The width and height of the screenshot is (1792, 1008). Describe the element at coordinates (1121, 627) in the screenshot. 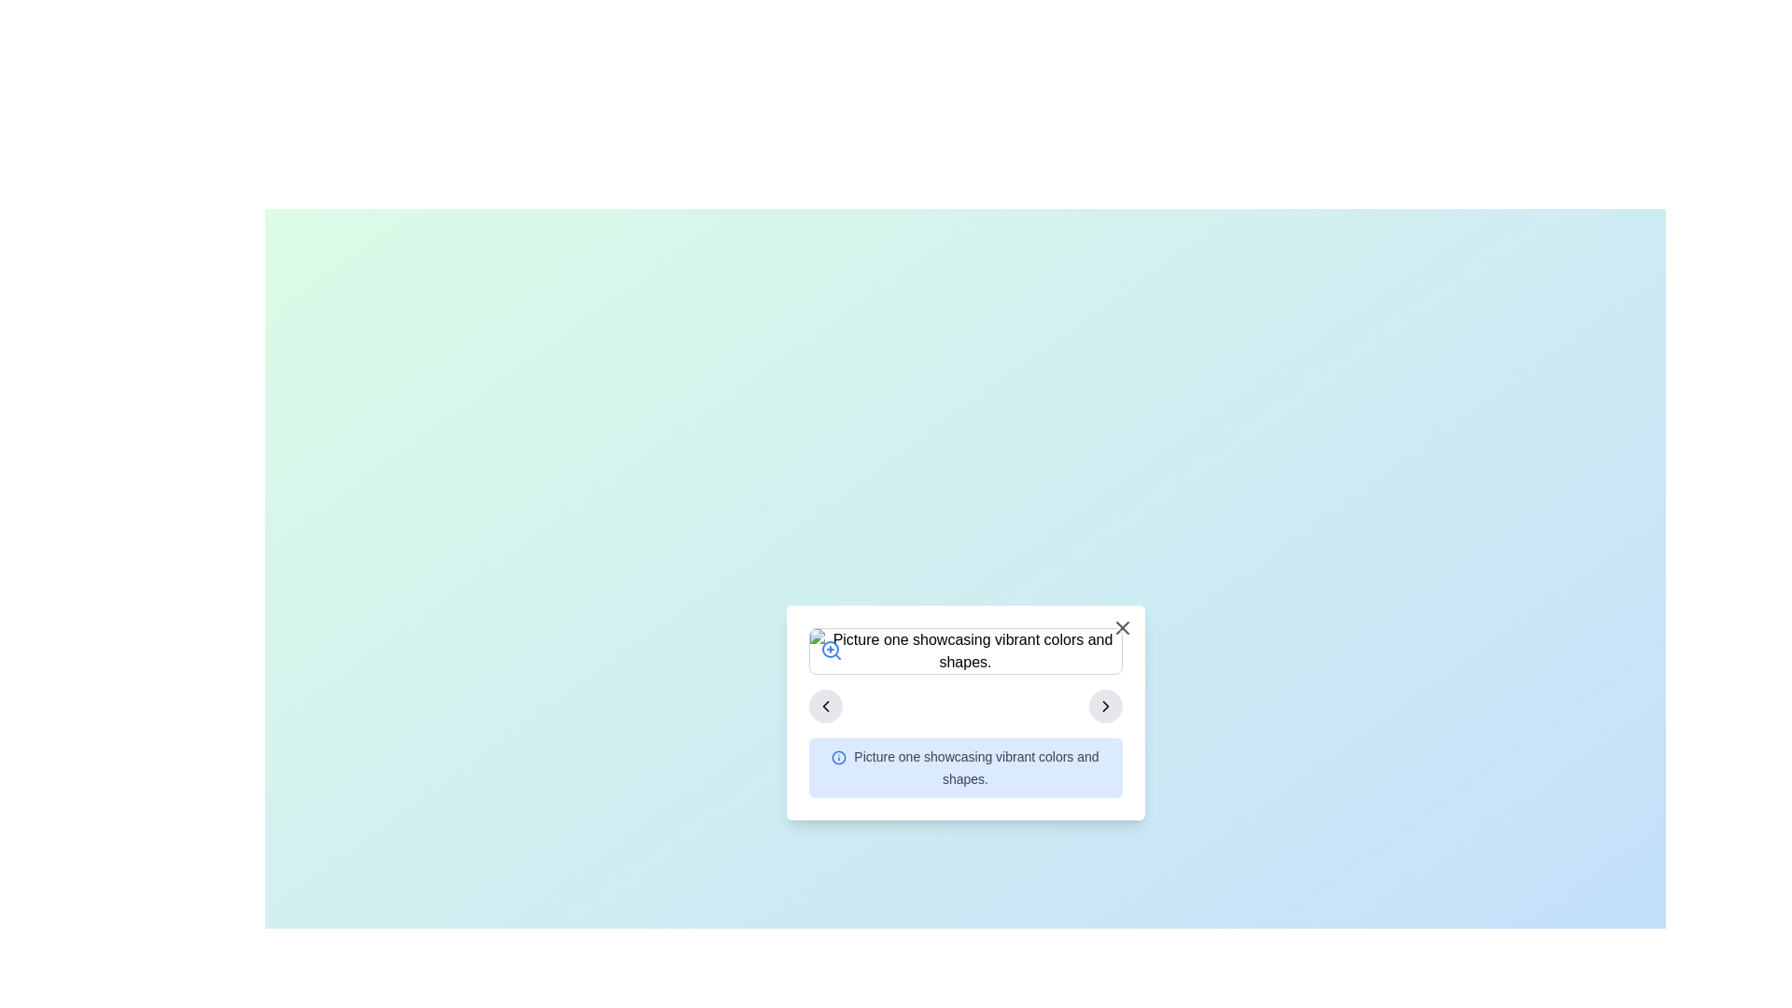

I see `the close button located in the top-right corner of the modal dialog box that dismisses content about 'Picture one showcasing vibrant colors and shapes.'` at that location.